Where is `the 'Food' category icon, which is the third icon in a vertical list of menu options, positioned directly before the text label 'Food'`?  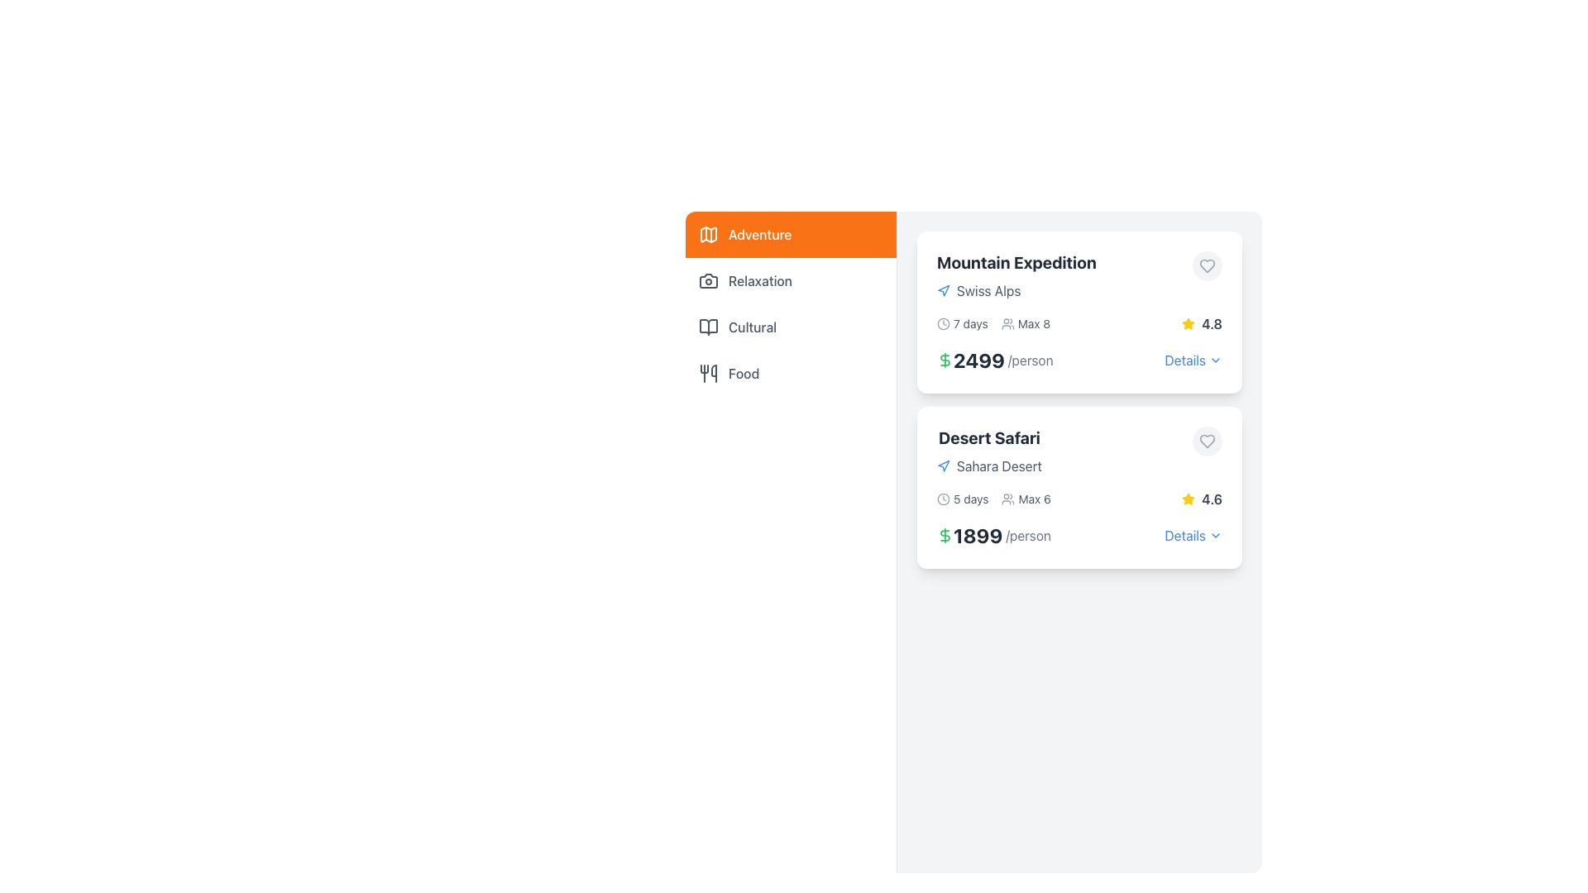 the 'Food' category icon, which is the third icon in a vertical list of menu options, positioned directly before the text label 'Food' is located at coordinates (709, 373).